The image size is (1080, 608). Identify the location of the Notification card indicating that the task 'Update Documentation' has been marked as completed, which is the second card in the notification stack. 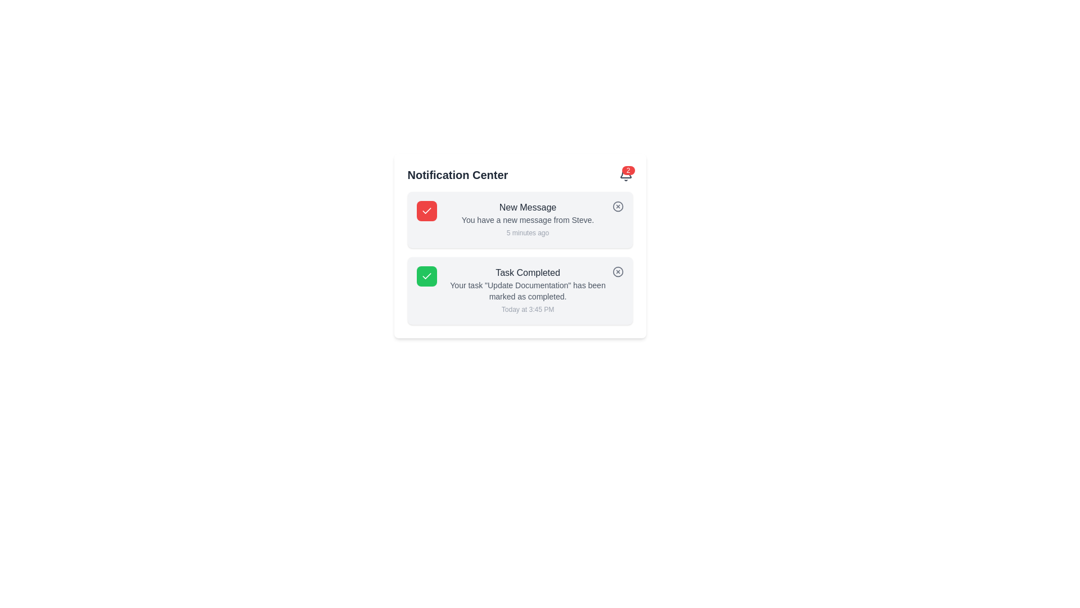
(519, 290).